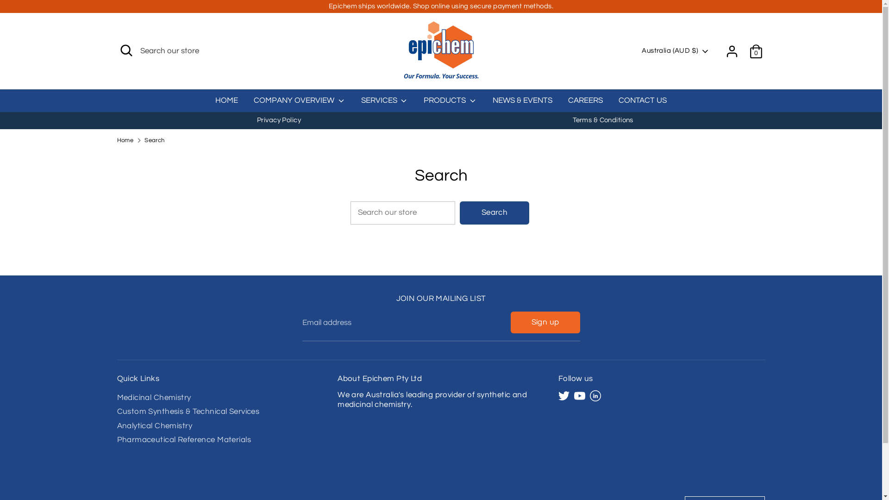  What do you see at coordinates (676, 51) in the screenshot?
I see `'Australia (AUD $)'` at bounding box center [676, 51].